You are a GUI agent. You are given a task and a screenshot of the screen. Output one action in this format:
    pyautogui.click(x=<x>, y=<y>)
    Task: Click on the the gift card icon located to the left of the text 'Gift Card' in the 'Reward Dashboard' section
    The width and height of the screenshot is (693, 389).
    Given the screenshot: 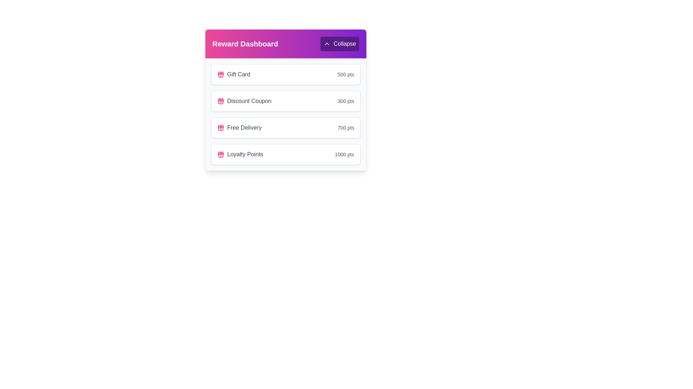 What is the action you would take?
    pyautogui.click(x=220, y=75)
    